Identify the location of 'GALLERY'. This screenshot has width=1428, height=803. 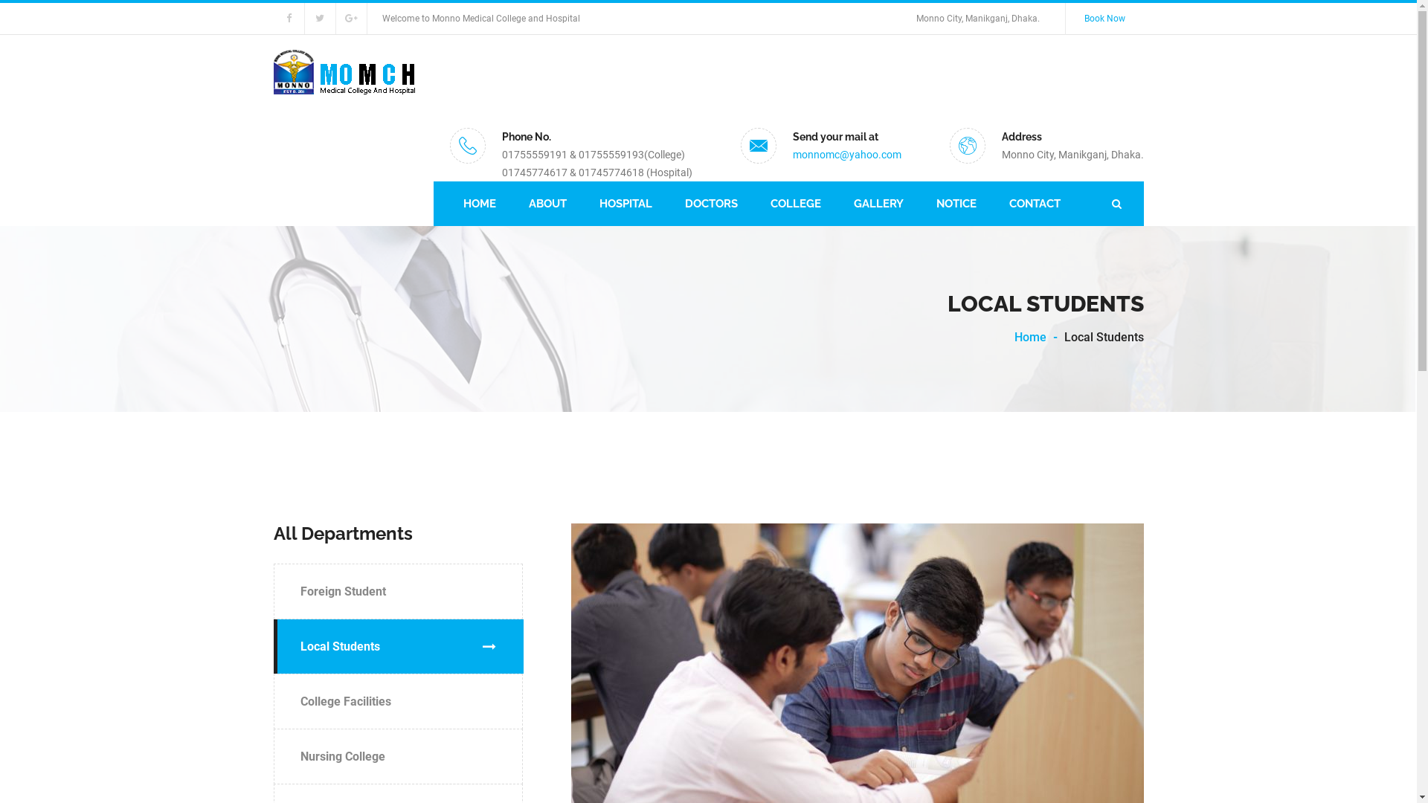
(878, 203).